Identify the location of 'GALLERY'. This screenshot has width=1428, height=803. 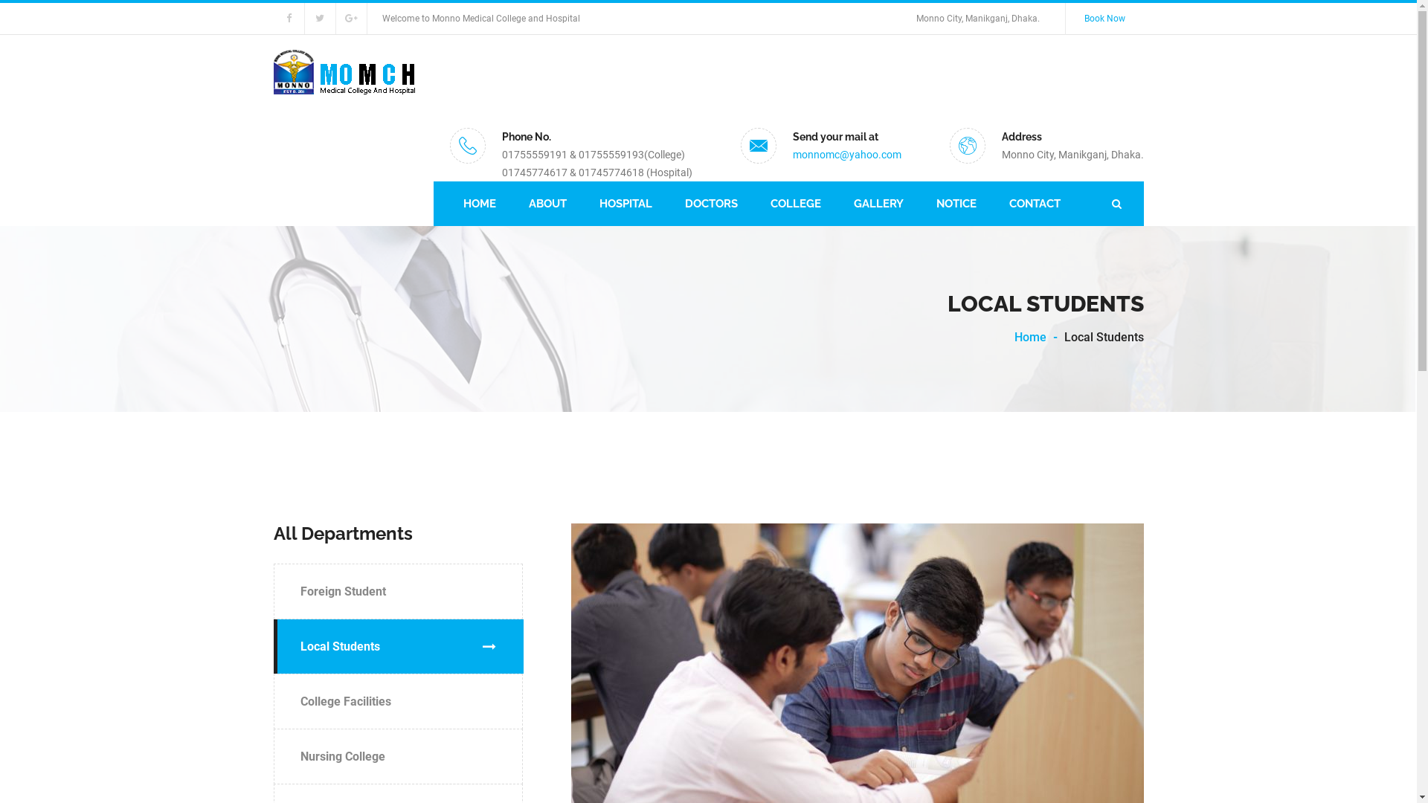
(878, 203).